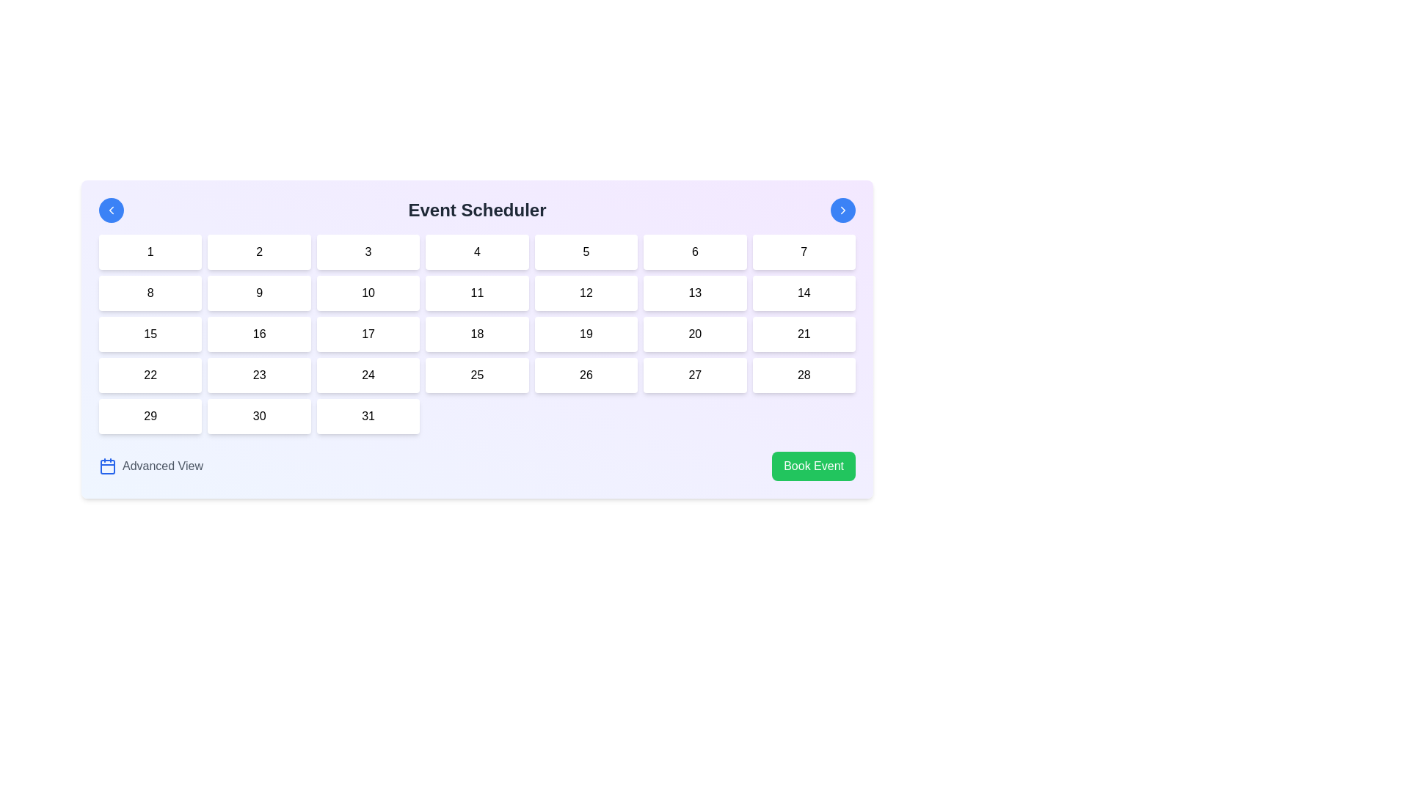 The width and height of the screenshot is (1409, 792). I want to click on the rightward chevron arrow SVG icon located inside the circular blue button at the top-right corner of the interface, so click(842, 210).